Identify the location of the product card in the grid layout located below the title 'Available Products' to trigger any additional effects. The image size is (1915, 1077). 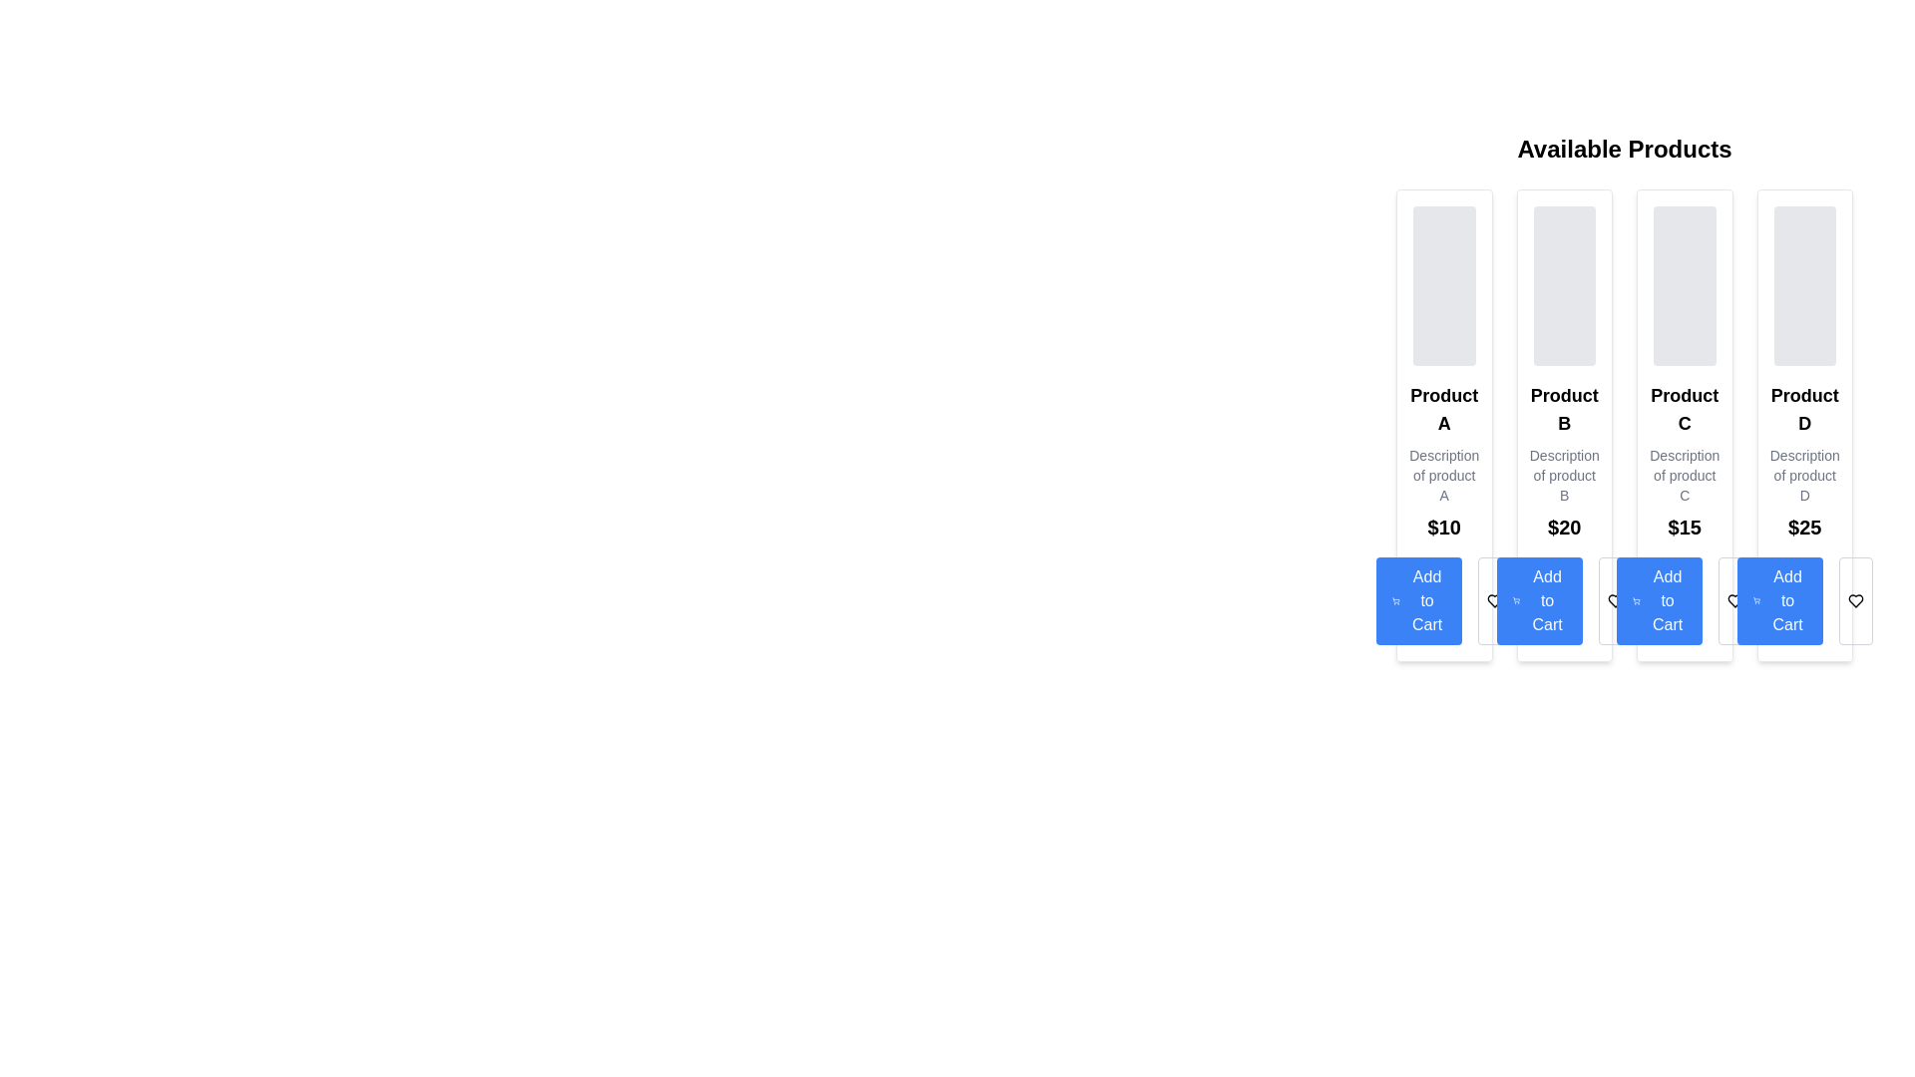
(1624, 425).